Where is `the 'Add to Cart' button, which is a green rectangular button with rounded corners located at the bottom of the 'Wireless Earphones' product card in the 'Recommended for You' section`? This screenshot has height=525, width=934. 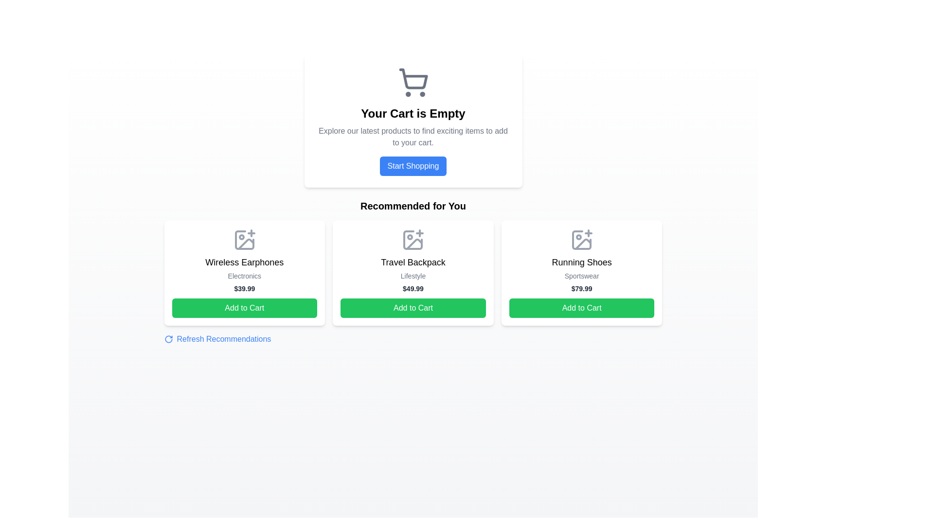 the 'Add to Cart' button, which is a green rectangular button with rounded corners located at the bottom of the 'Wireless Earphones' product card in the 'Recommended for You' section is located at coordinates (244, 308).